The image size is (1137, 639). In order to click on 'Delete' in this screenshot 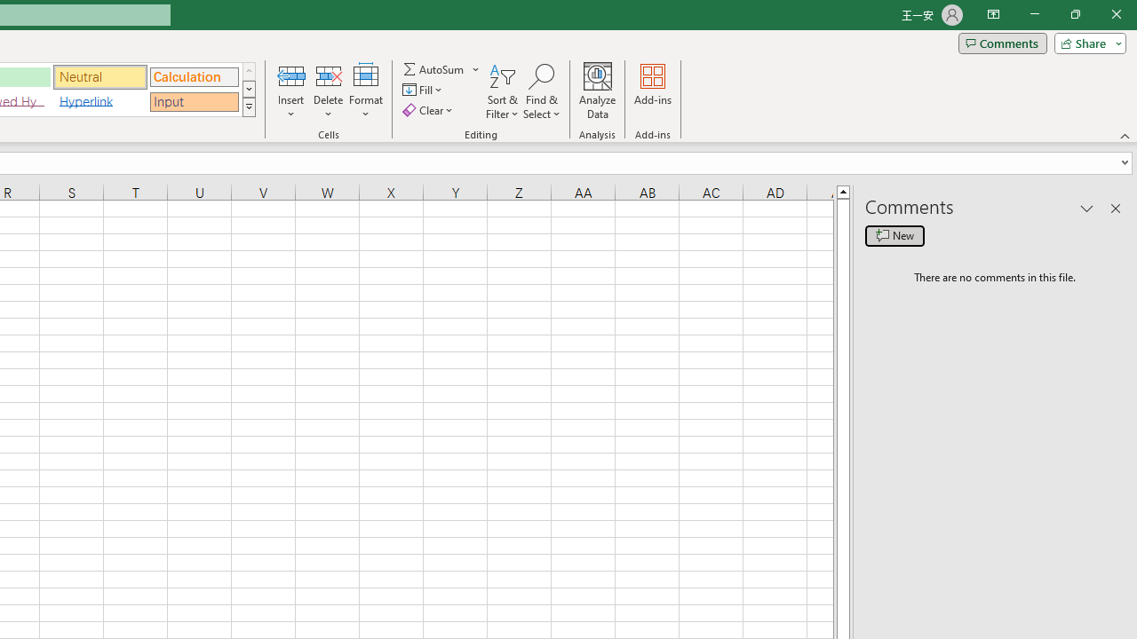, I will do `click(328, 91)`.